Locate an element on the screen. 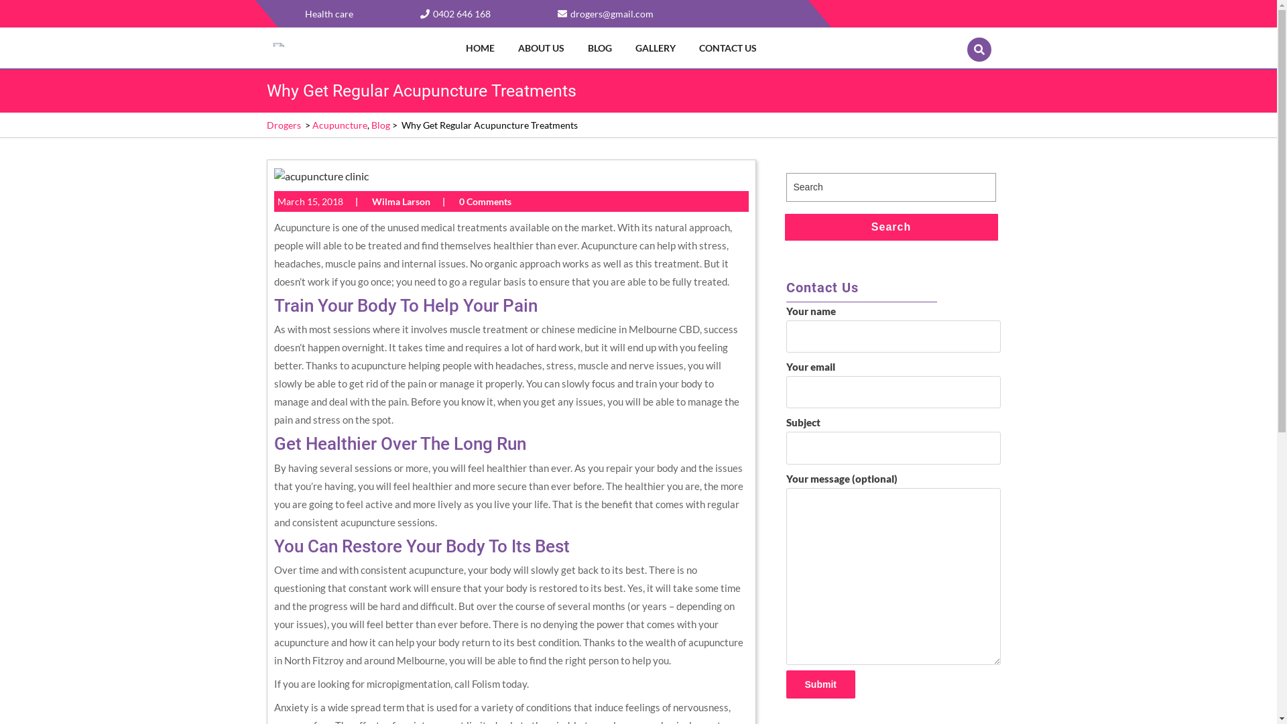 The width and height of the screenshot is (1287, 724). 'CONTACT US' is located at coordinates (729, 47).